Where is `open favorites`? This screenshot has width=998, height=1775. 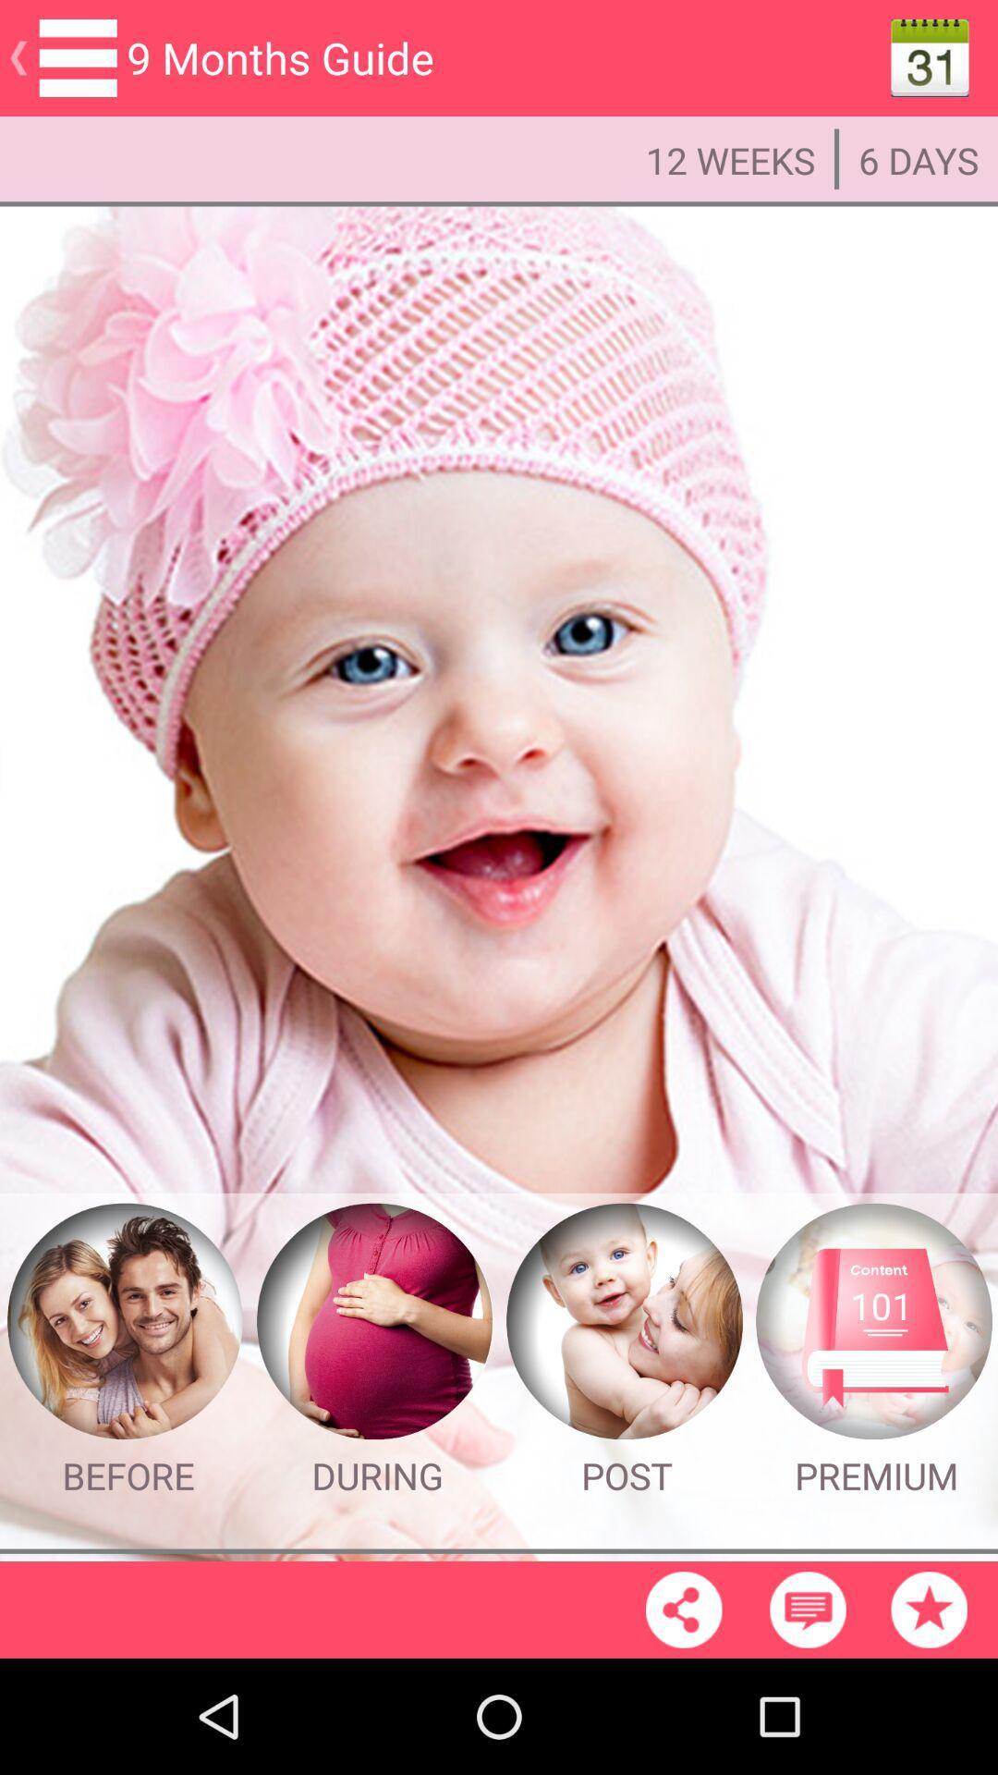
open favorites is located at coordinates (929, 1609).